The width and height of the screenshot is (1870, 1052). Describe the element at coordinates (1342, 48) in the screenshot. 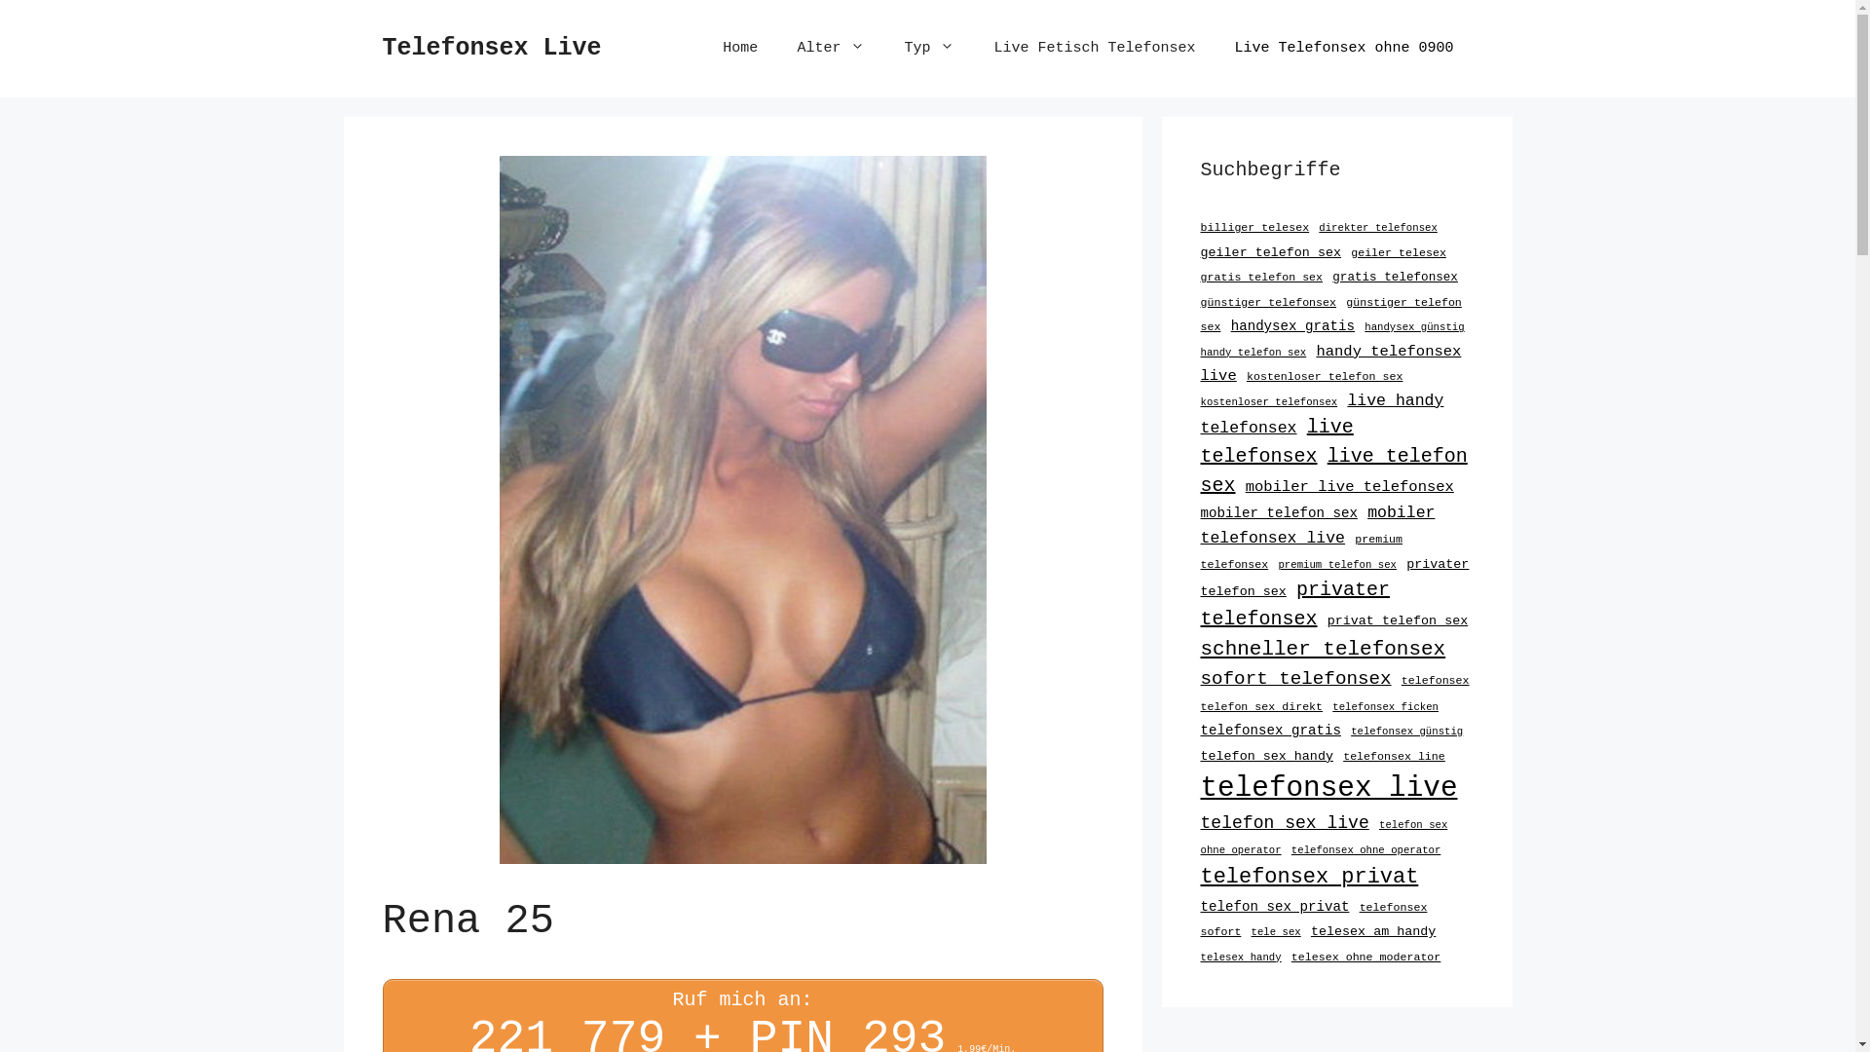

I see `'Live Telefonsex ohne 0900'` at that location.